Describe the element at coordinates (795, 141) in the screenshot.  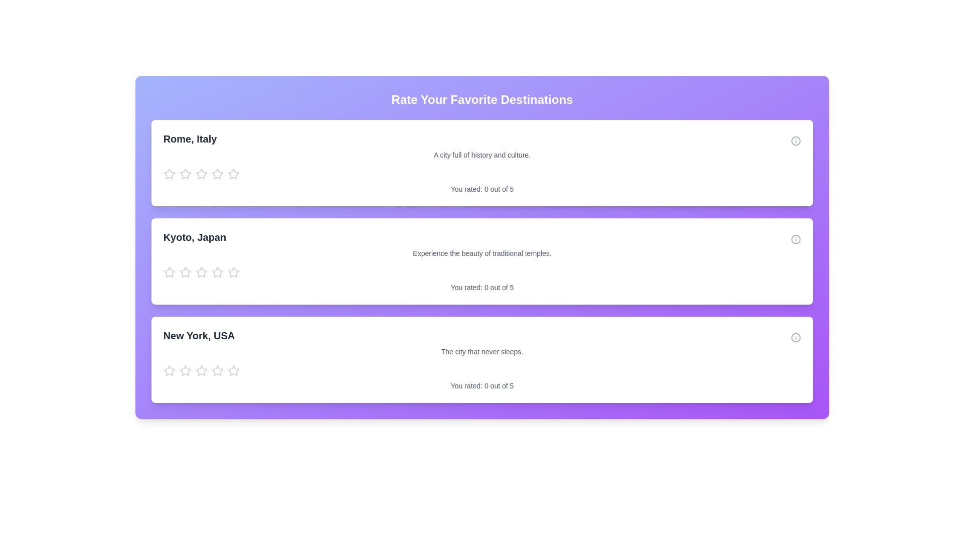
I see `the gray circular icon with an 'i'` at that location.